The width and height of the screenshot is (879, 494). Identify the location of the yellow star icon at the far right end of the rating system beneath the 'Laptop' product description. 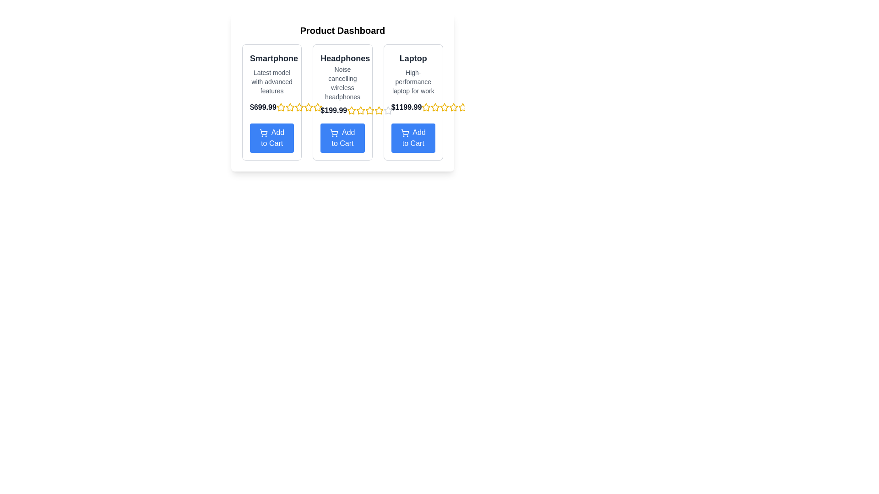
(463, 107).